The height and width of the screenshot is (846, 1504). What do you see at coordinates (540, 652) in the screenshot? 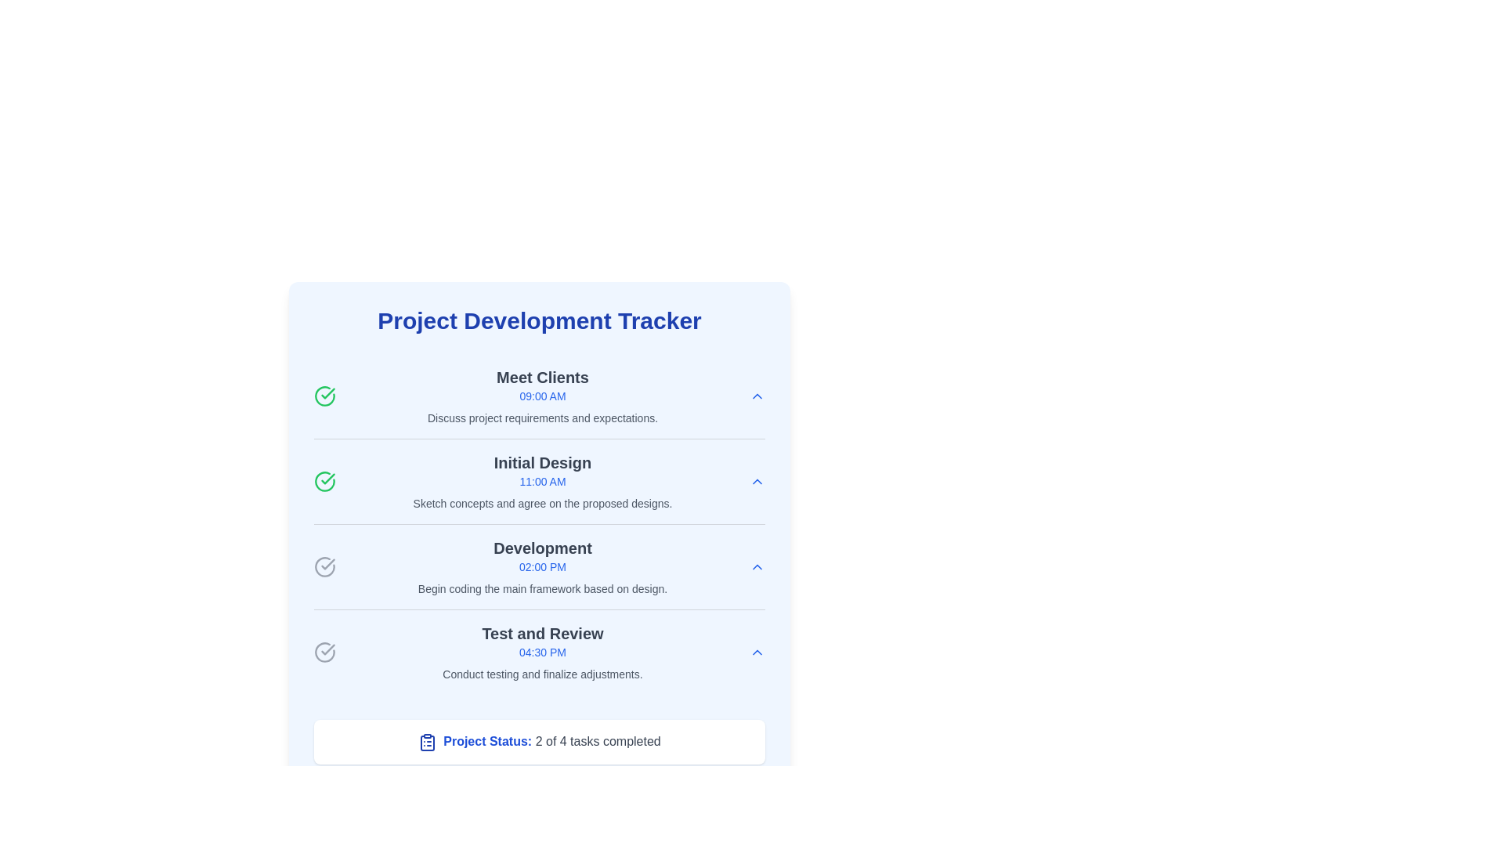
I see `the fourth task card` at bounding box center [540, 652].